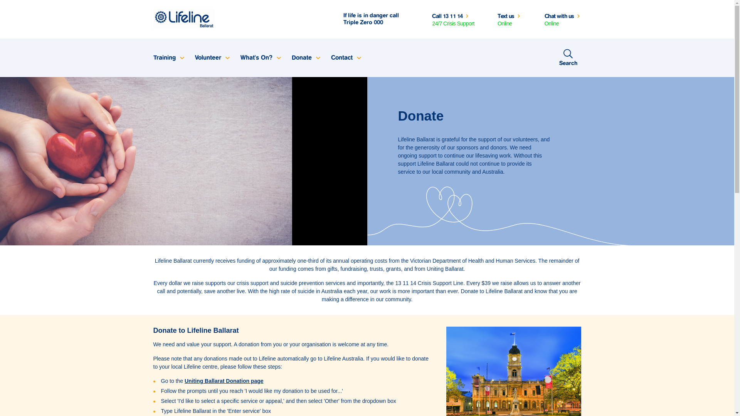 The image size is (740, 416). I want to click on '000', so click(378, 22).